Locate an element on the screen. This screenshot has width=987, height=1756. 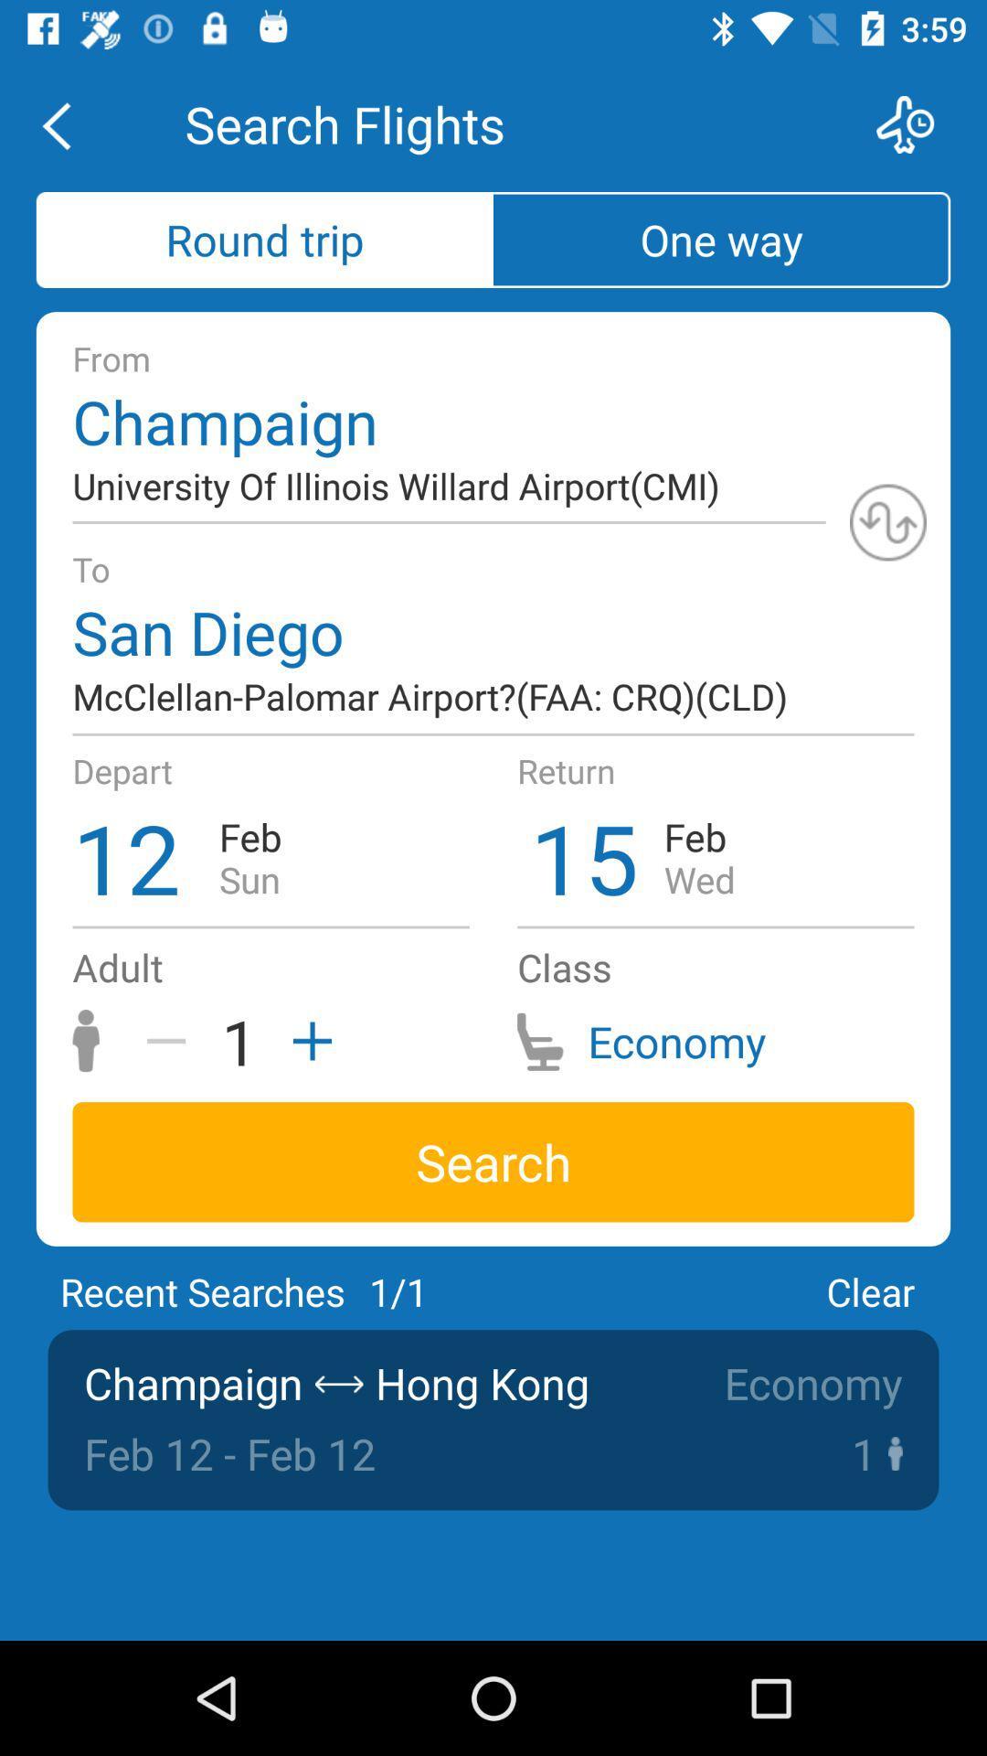
the minus icon is located at coordinates (173, 1041).